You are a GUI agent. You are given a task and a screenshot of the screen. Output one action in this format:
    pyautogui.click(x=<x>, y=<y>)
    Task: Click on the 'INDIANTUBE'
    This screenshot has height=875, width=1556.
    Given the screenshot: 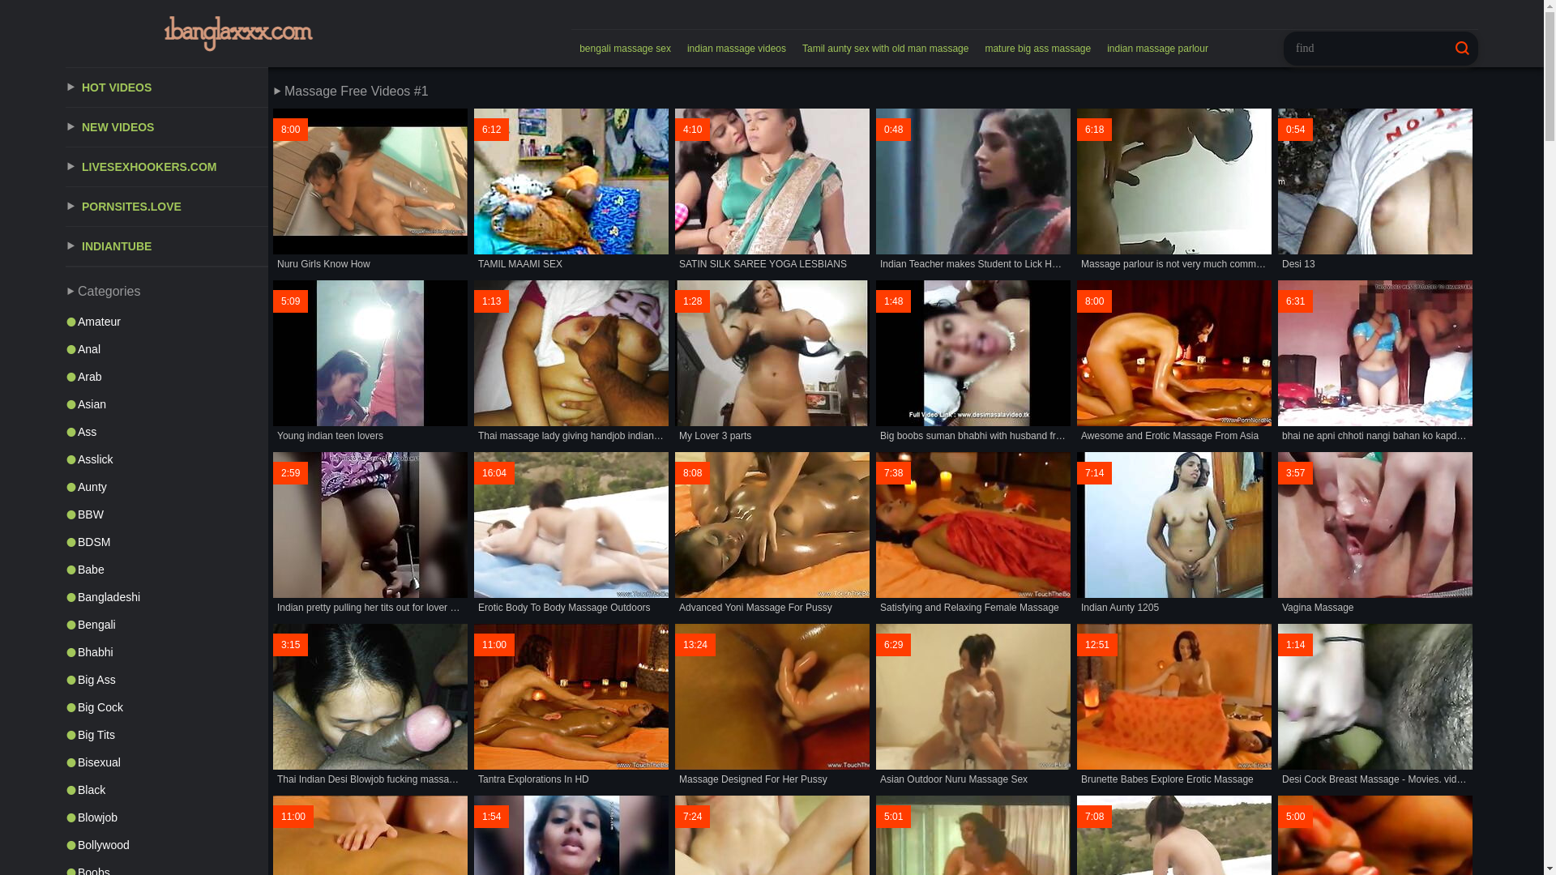 What is the action you would take?
    pyautogui.click(x=65, y=246)
    